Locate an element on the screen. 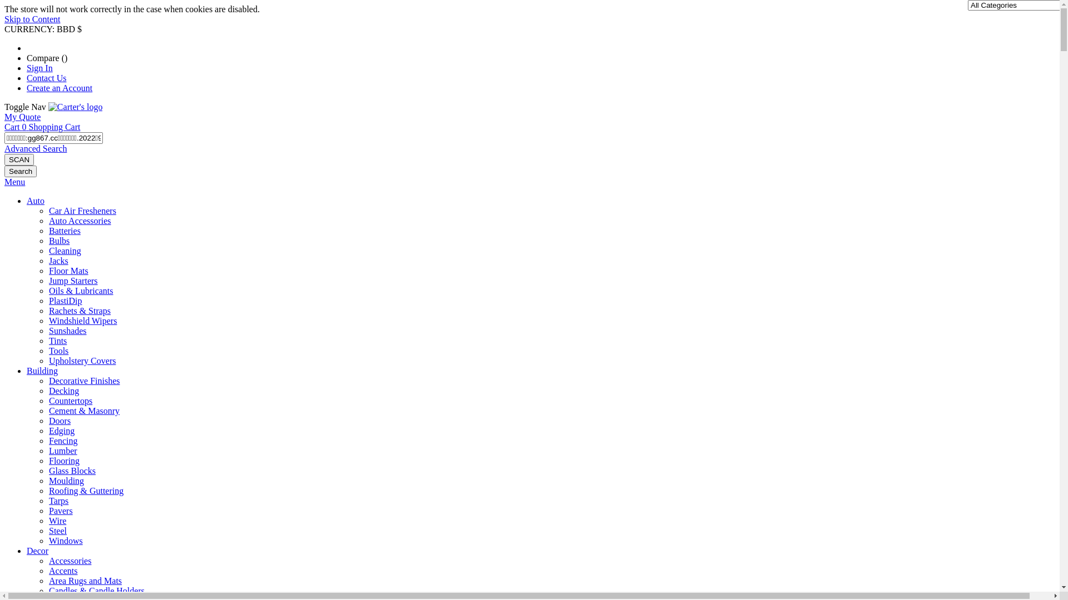  'Lumber' is located at coordinates (62, 451).